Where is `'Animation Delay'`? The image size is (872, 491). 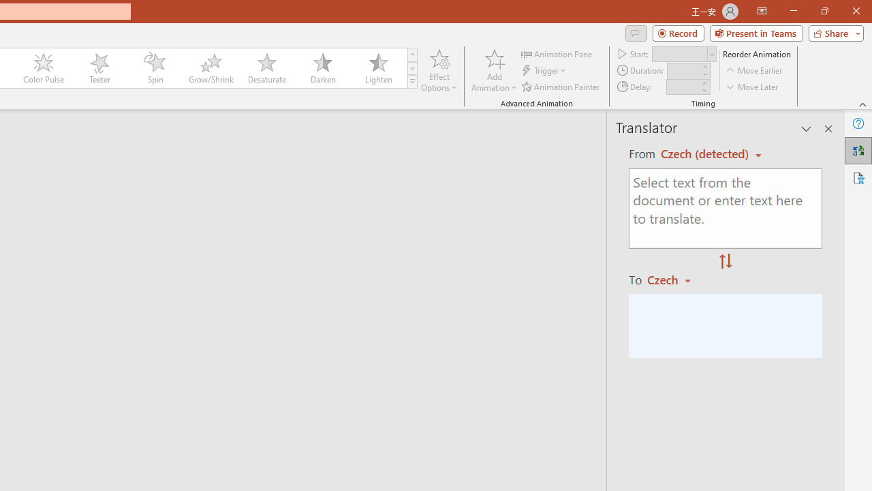
'Animation Delay' is located at coordinates (683, 87).